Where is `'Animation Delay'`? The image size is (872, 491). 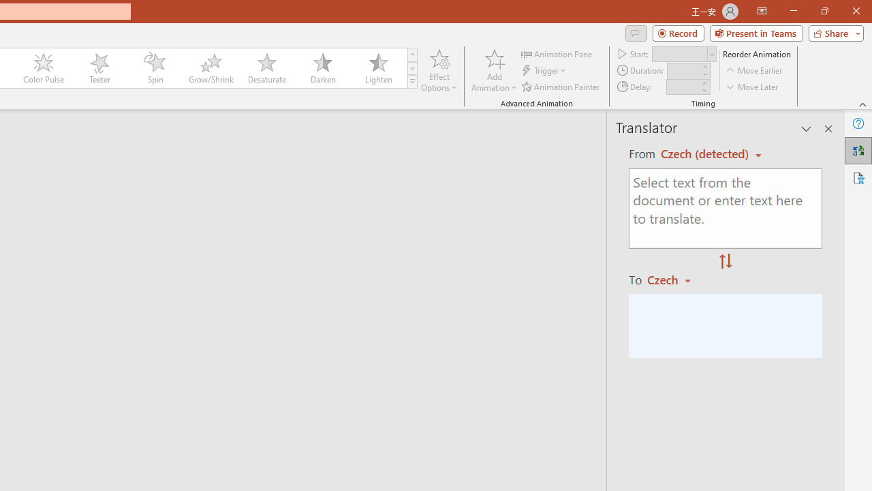
'Animation Delay' is located at coordinates (683, 87).